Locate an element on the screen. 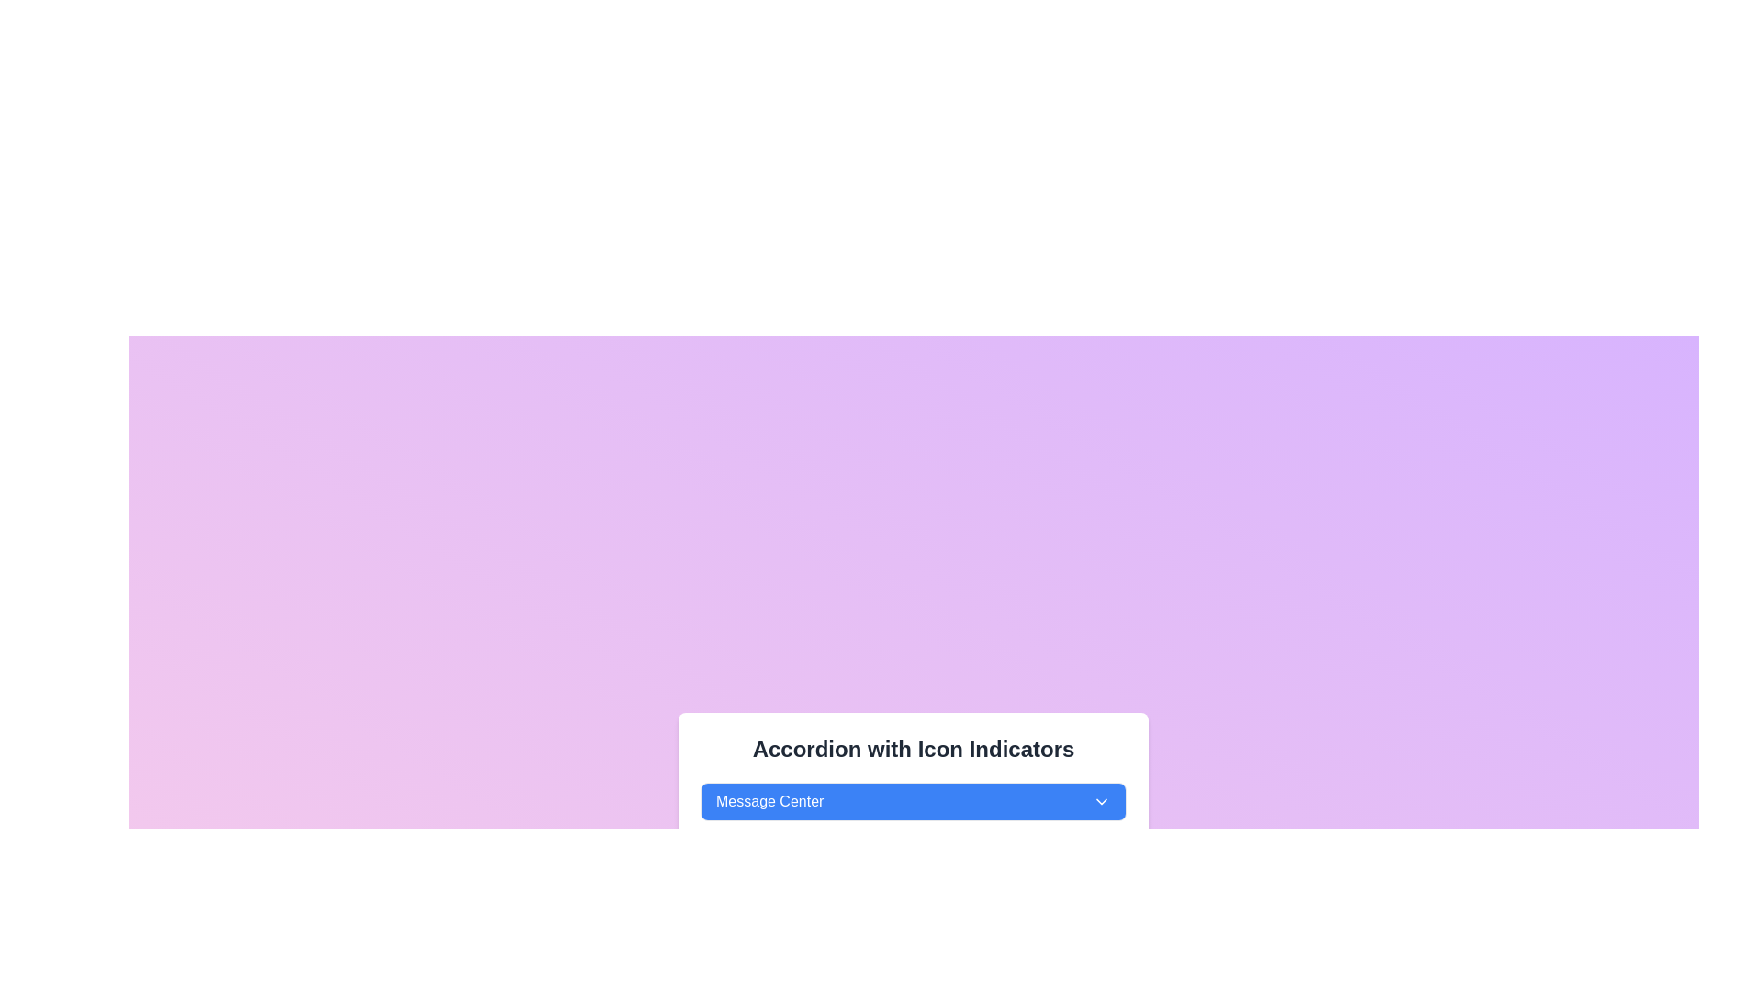 The height and width of the screenshot is (991, 1763). the downwards-pointing chevron icon located at the rightmost end of the 'Message Center' button is located at coordinates (1102, 801).